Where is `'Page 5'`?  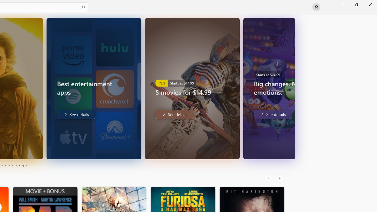 'Page 5' is located at coordinates (9, 166).